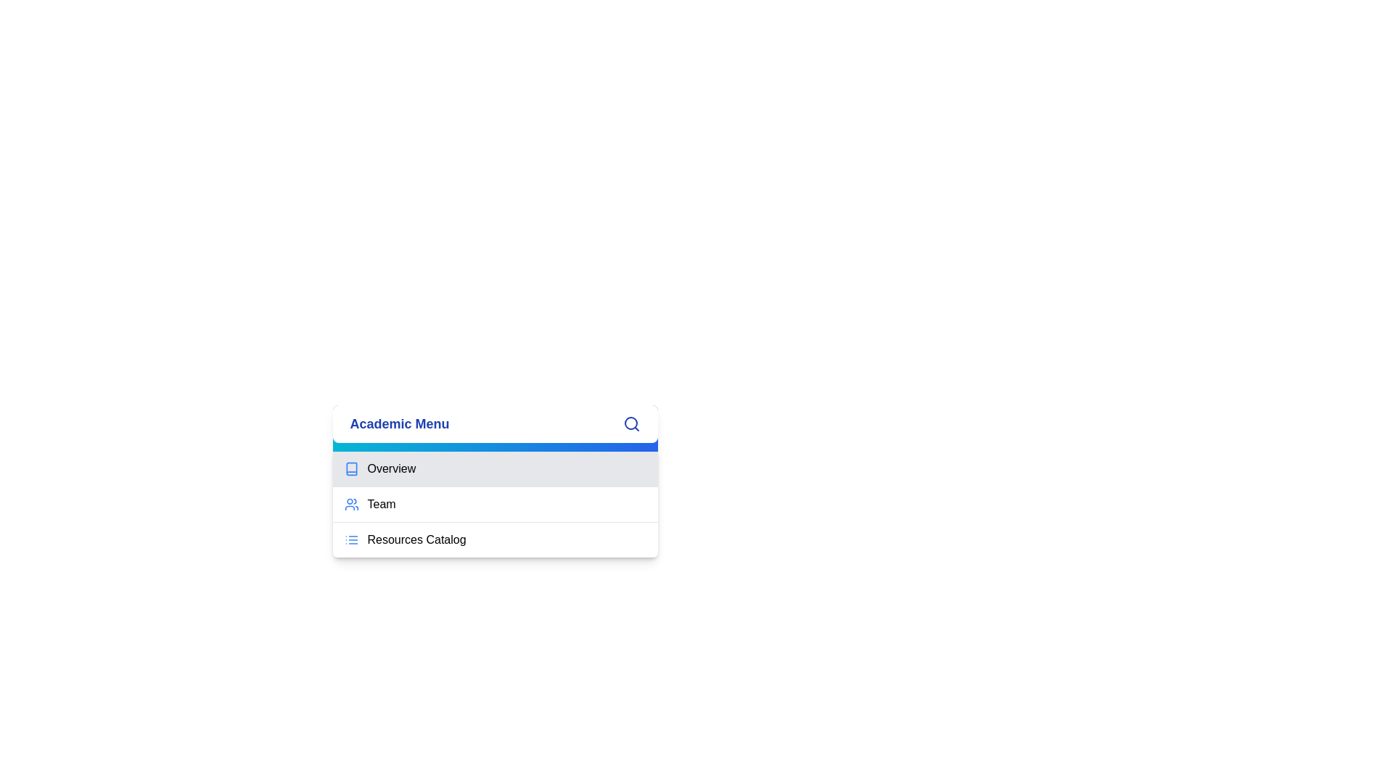 This screenshot has height=783, width=1393. Describe the element at coordinates (495, 503) in the screenshot. I see `the 'Team' menu item located in the 'Academic Menu', which is the second item in the vertical list` at that location.